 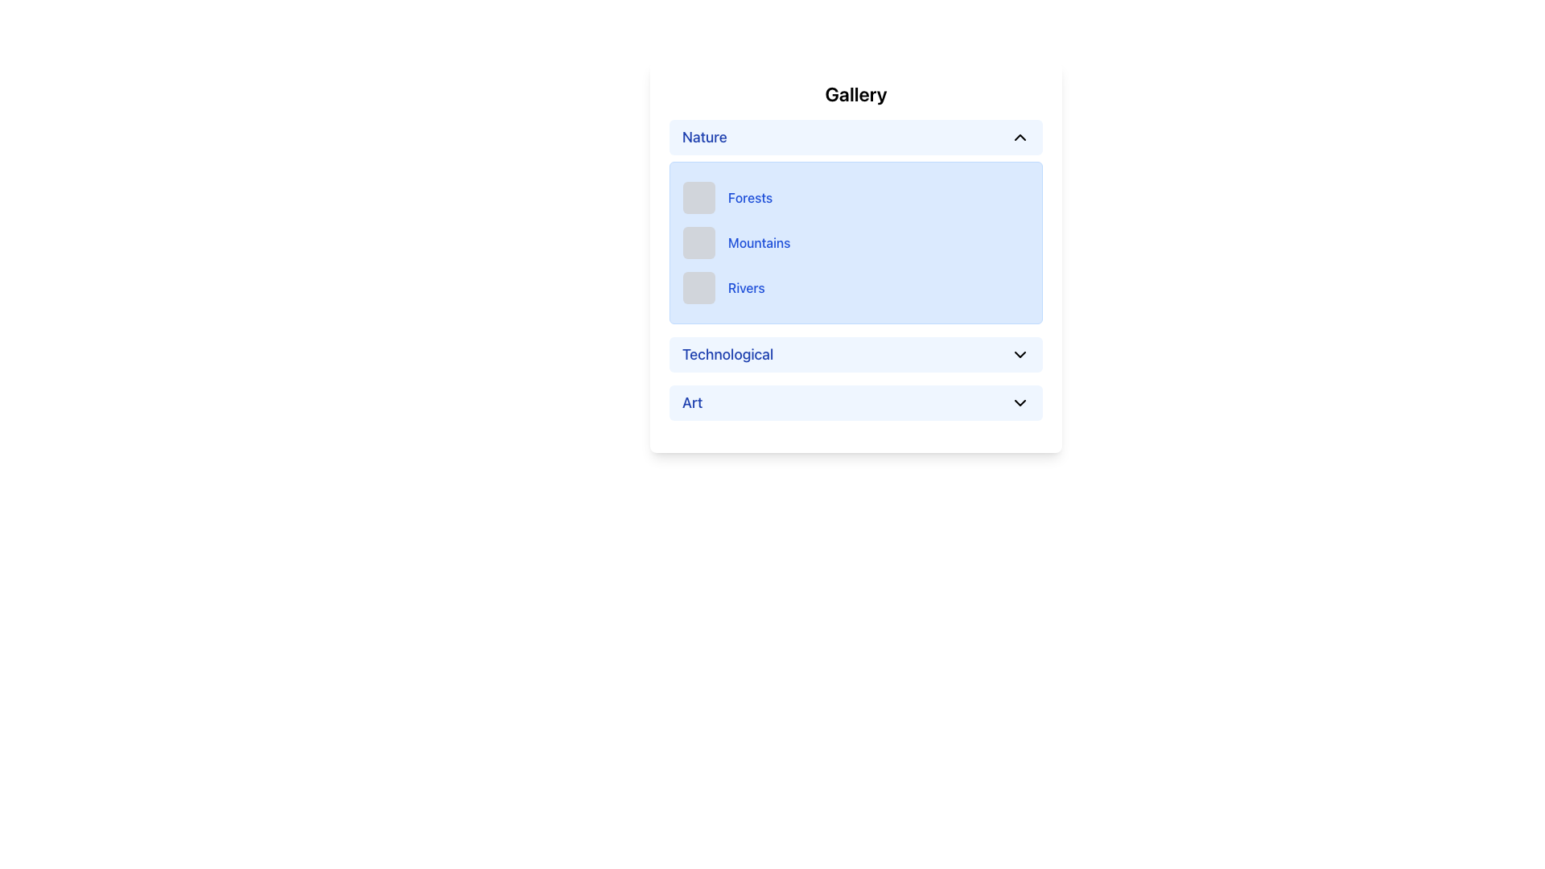 What do you see at coordinates (855, 242) in the screenshot?
I see `the horizontal list item containing the blue text label 'Mountains' to highlight it` at bounding box center [855, 242].